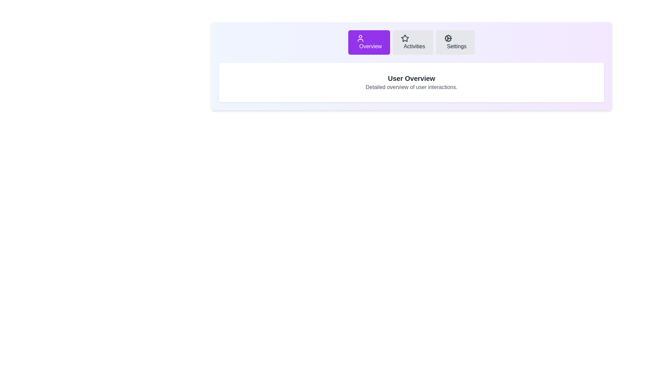 Image resolution: width=653 pixels, height=367 pixels. What do you see at coordinates (411, 78) in the screenshot?
I see `the 'User Overview' text label header, which is styled in bold and dark gray, located at the top of its section` at bounding box center [411, 78].